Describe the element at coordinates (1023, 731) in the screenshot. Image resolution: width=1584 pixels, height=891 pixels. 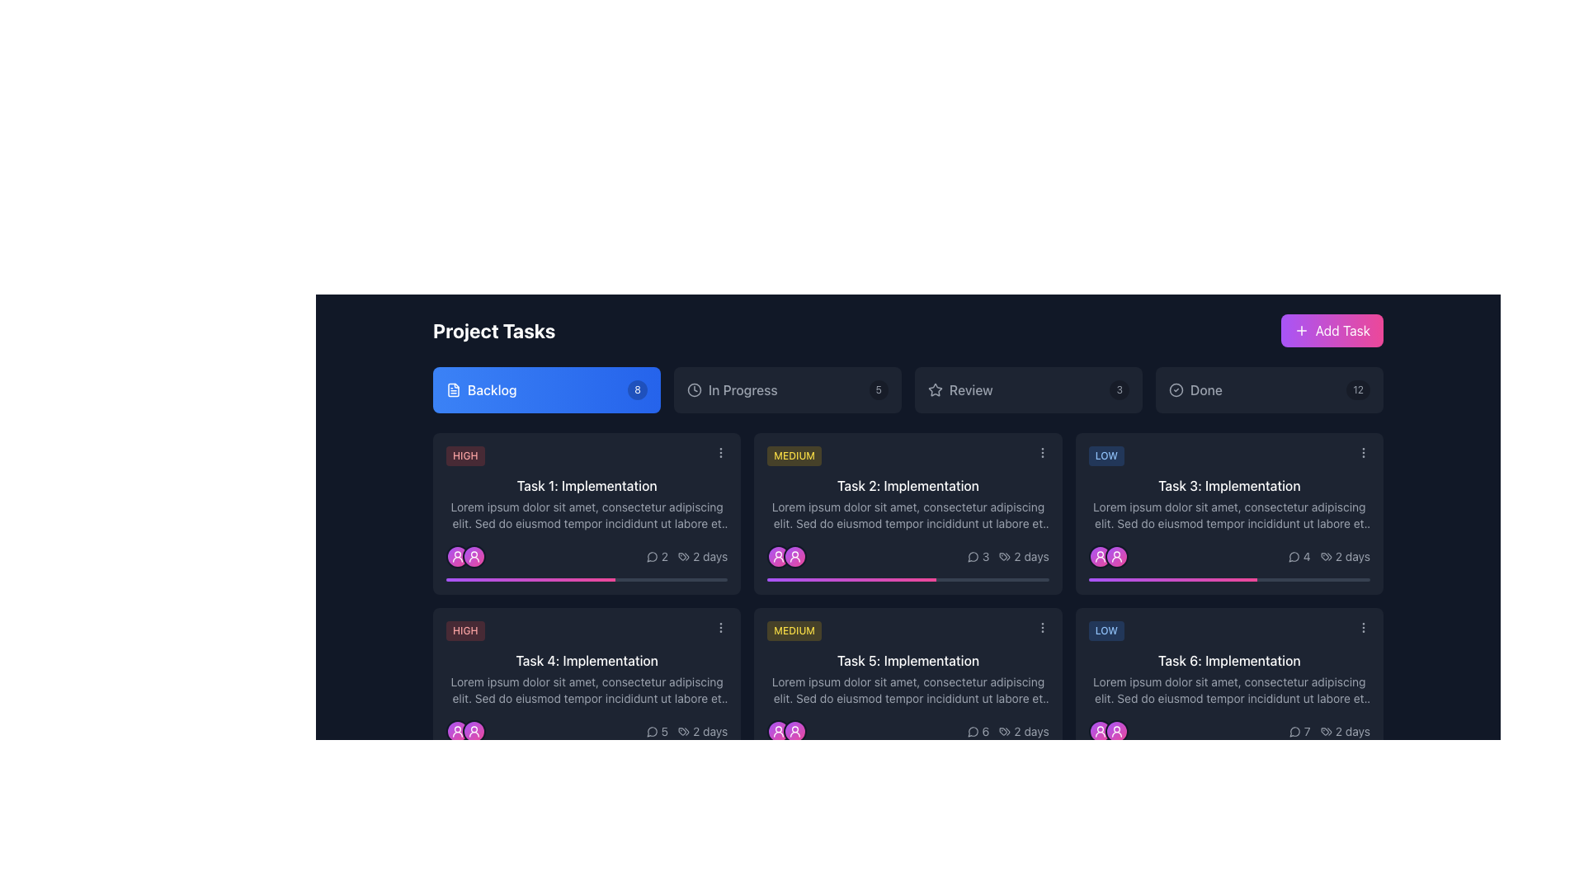
I see `the non-interactive text label displaying estimated or remaining time, which is positioned to the far right within the second card of the lower row in a grid layout, adjacent to an icon` at that location.